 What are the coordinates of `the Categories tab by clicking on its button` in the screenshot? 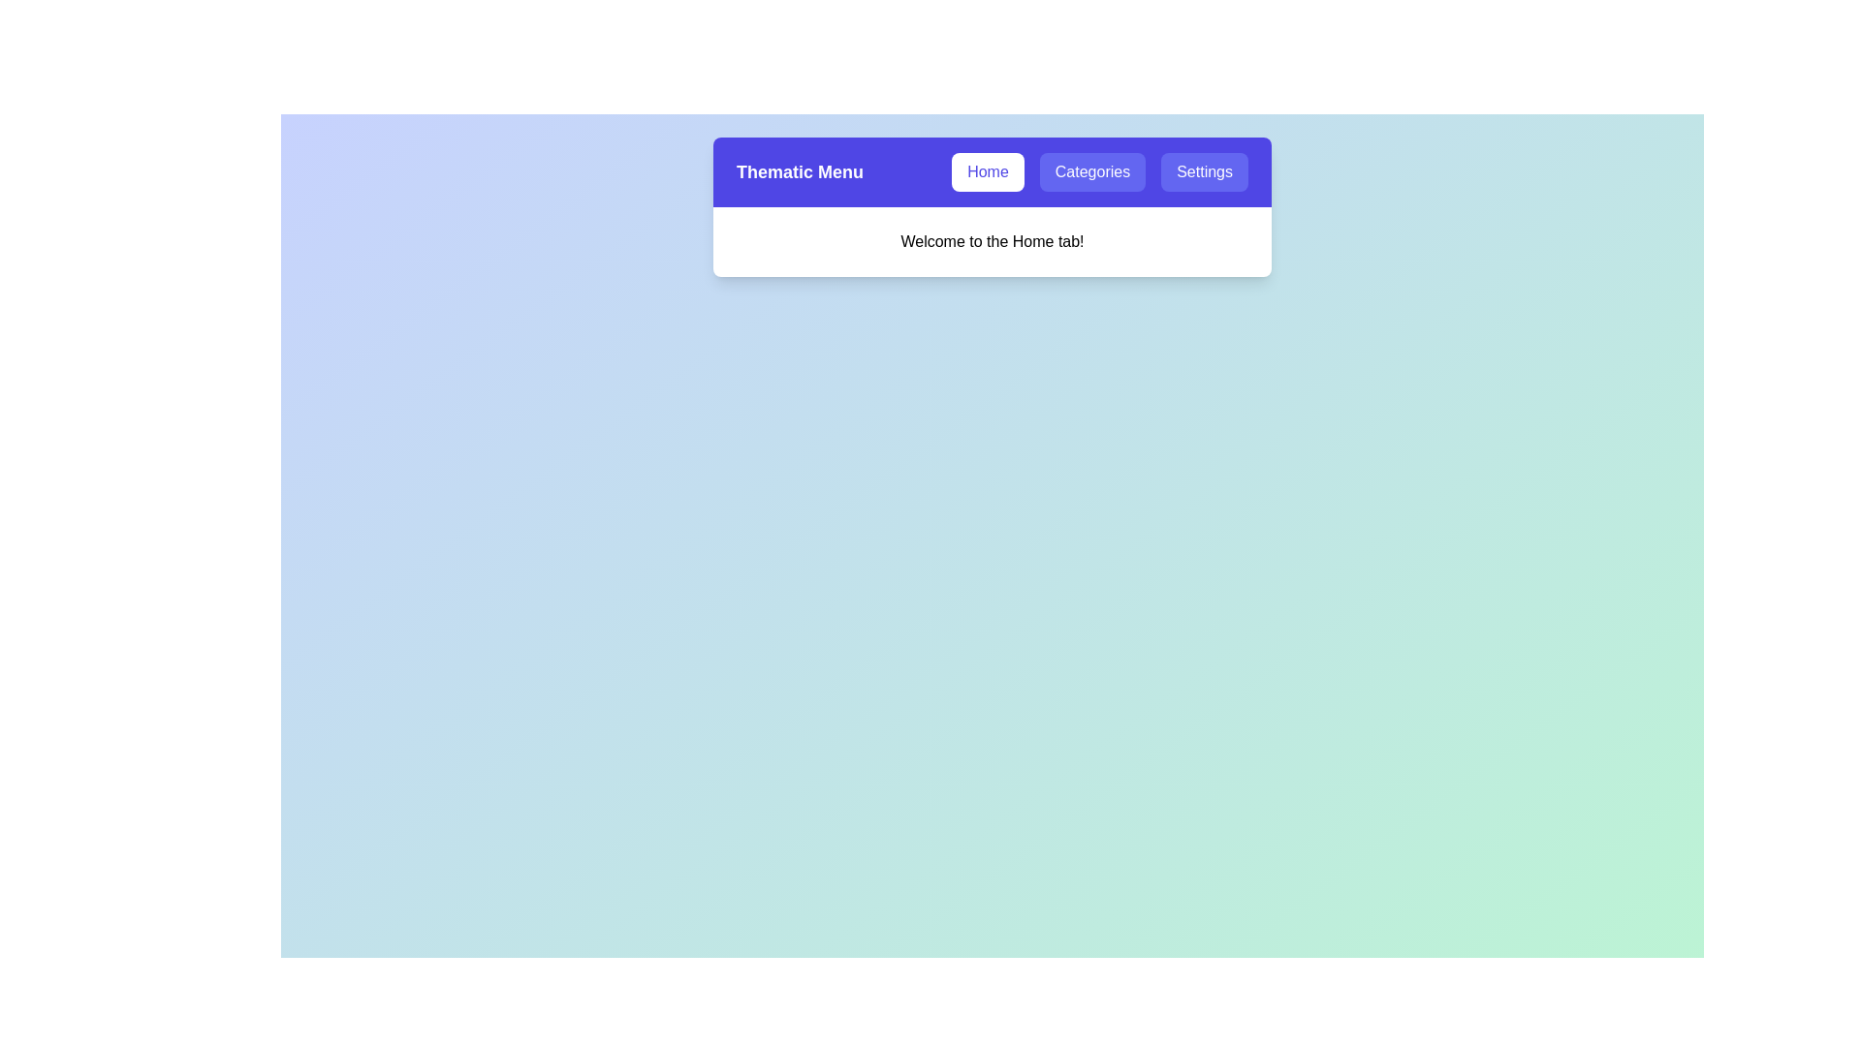 It's located at (1092, 170).